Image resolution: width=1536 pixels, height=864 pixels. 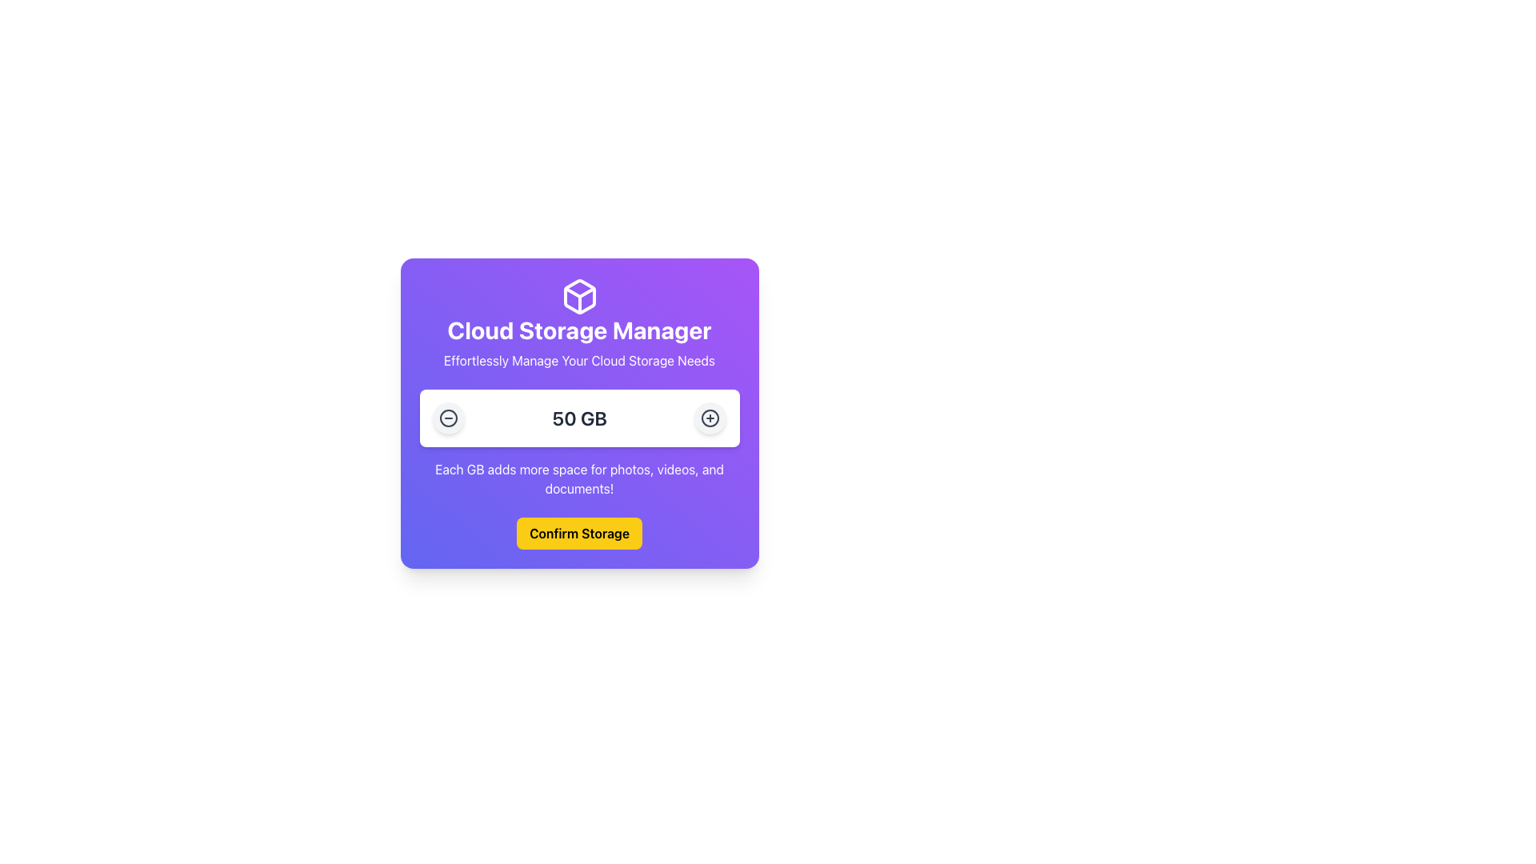 What do you see at coordinates (448, 418) in the screenshot?
I see `the Icon Button (Minus), which is a circular button with a gray outline and a horizontal minus sign at its center, to decrease the associated value in the storage adjustment interface` at bounding box center [448, 418].